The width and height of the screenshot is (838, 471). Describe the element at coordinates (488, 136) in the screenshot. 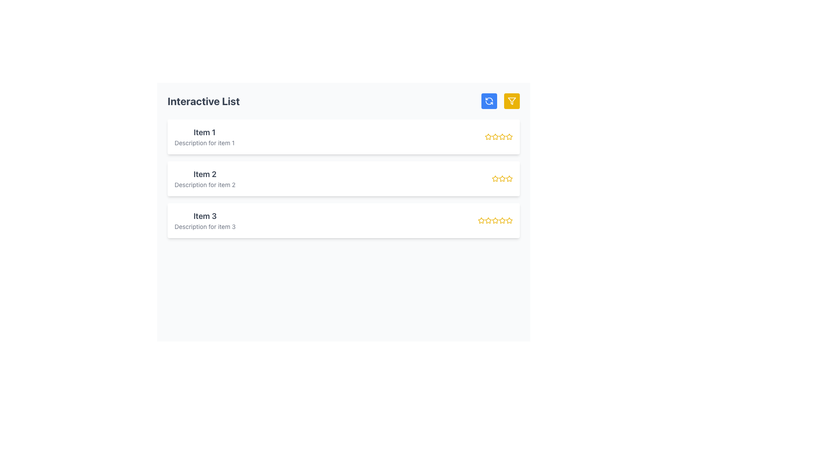

I see `the first star icon with yellow outlines, used for rating purposes, located to the right of the text 'Item 1' in the interactive list` at that location.